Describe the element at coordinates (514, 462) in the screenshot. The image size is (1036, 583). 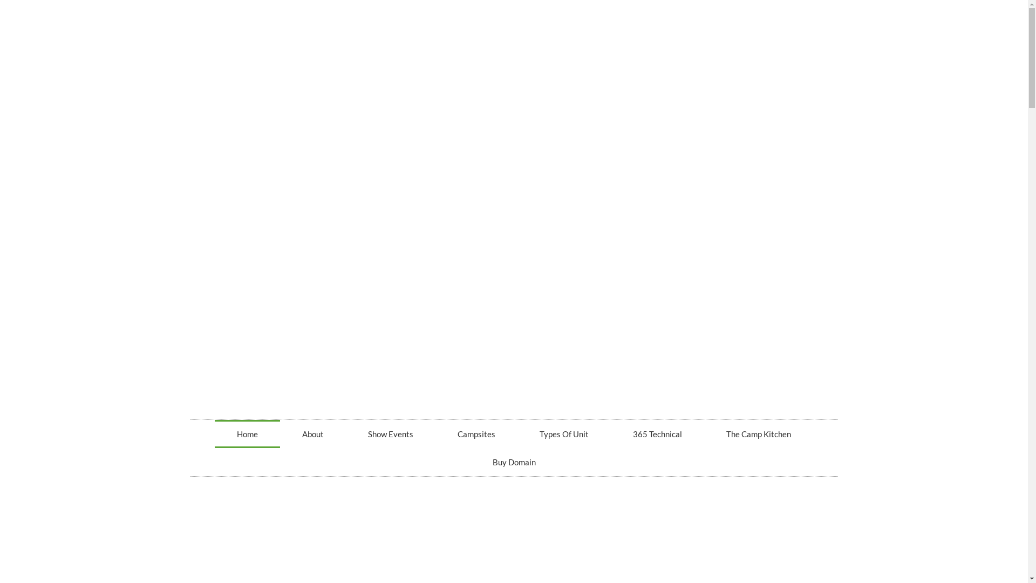
I see `'Buy Domain'` at that location.